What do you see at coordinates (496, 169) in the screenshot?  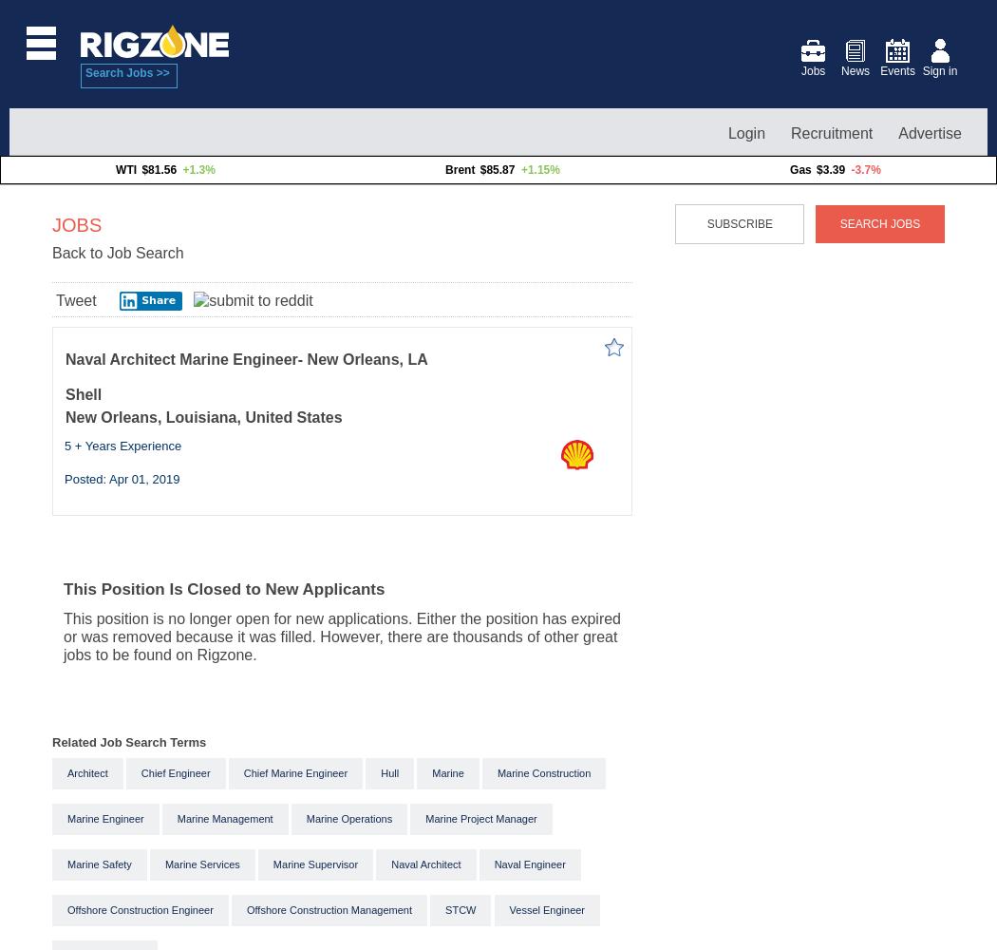 I see `'$85.87'` at bounding box center [496, 169].